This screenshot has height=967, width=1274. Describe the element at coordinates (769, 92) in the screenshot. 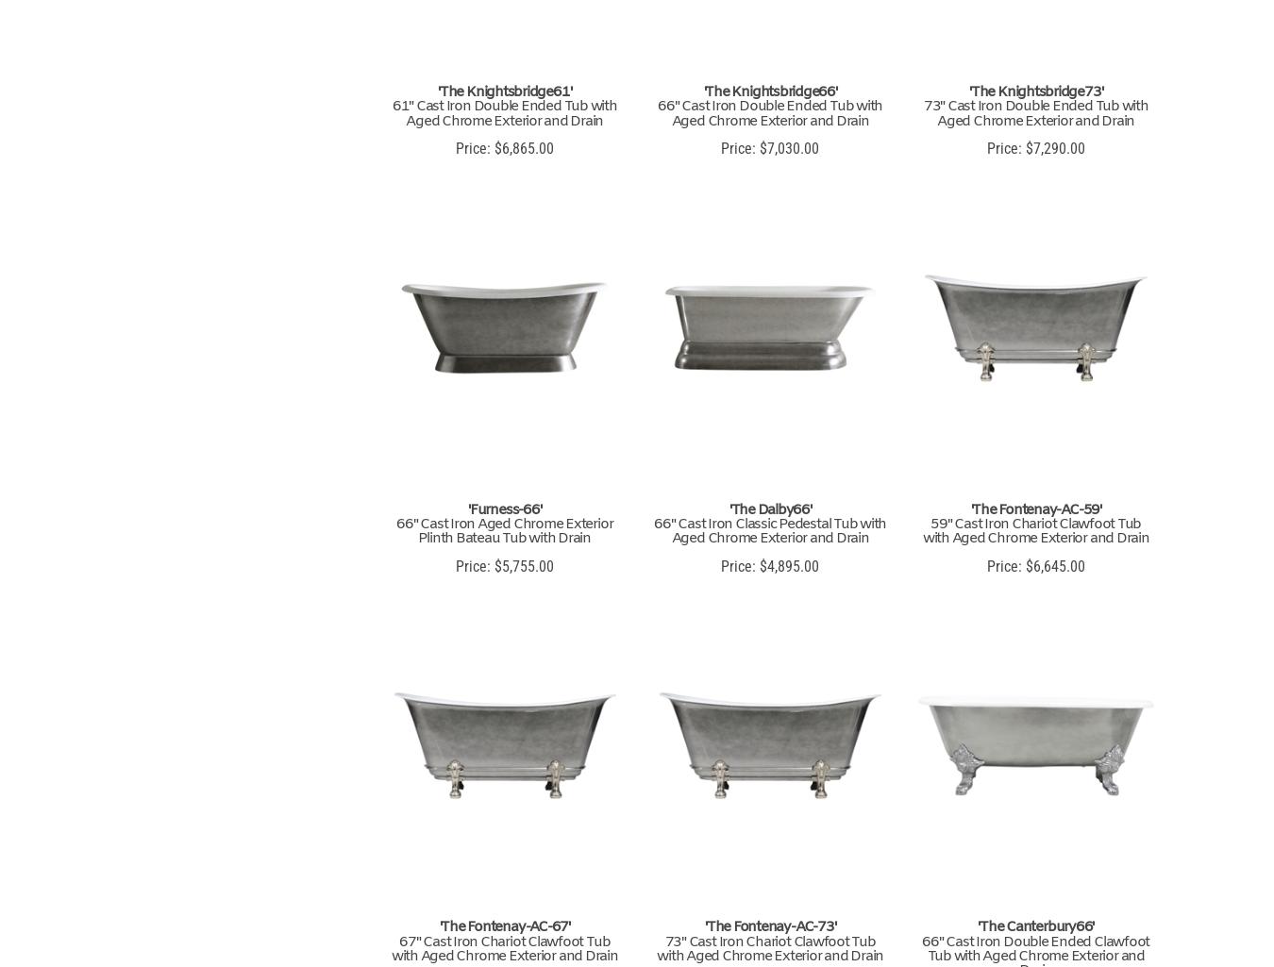

I see `''The Knightsbridge66''` at that location.